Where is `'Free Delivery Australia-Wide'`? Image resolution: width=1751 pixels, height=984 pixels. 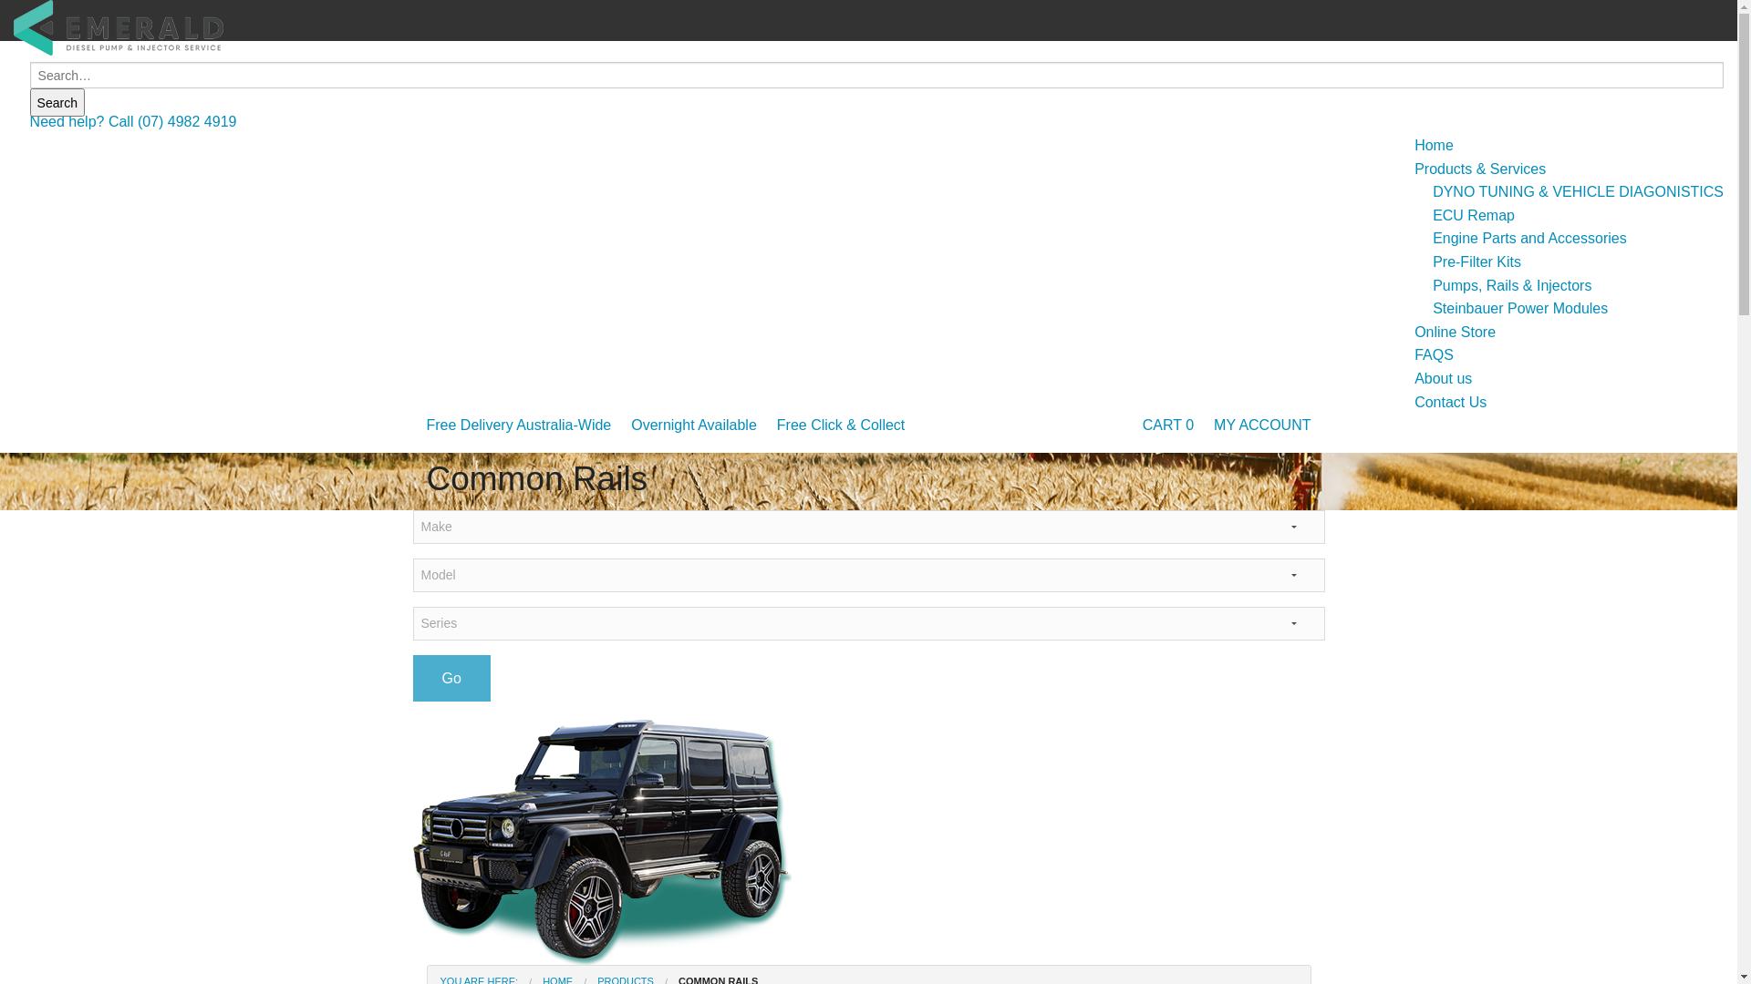 'Free Delivery Australia-Wide' is located at coordinates (518, 425).